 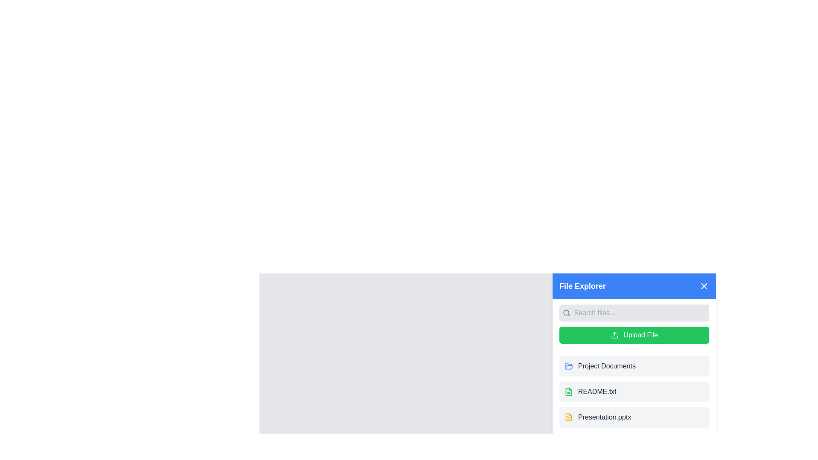 I want to click on the list item representing the file 'Presentation.pptx', so click(x=634, y=417).